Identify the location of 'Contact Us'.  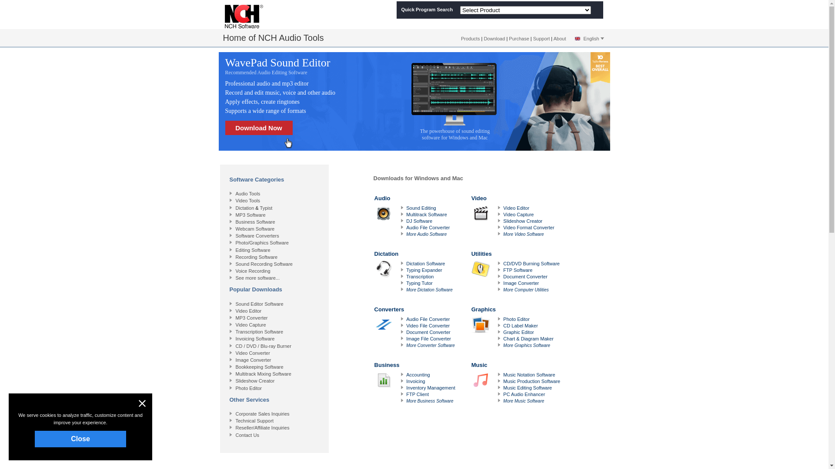
(247, 435).